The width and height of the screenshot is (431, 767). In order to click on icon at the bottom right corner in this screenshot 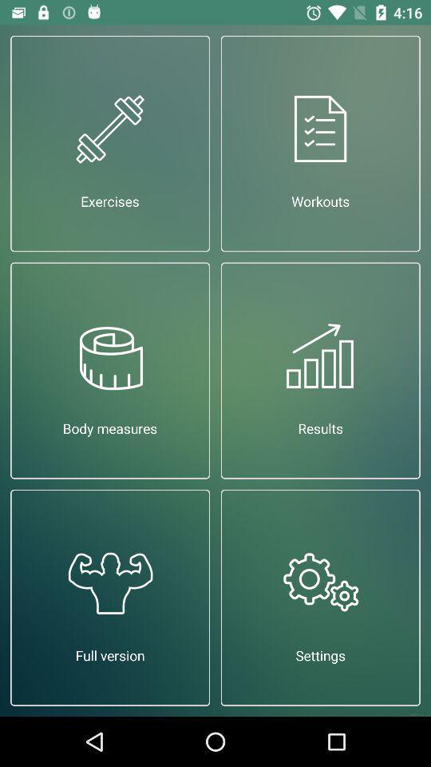, I will do `click(320, 597)`.